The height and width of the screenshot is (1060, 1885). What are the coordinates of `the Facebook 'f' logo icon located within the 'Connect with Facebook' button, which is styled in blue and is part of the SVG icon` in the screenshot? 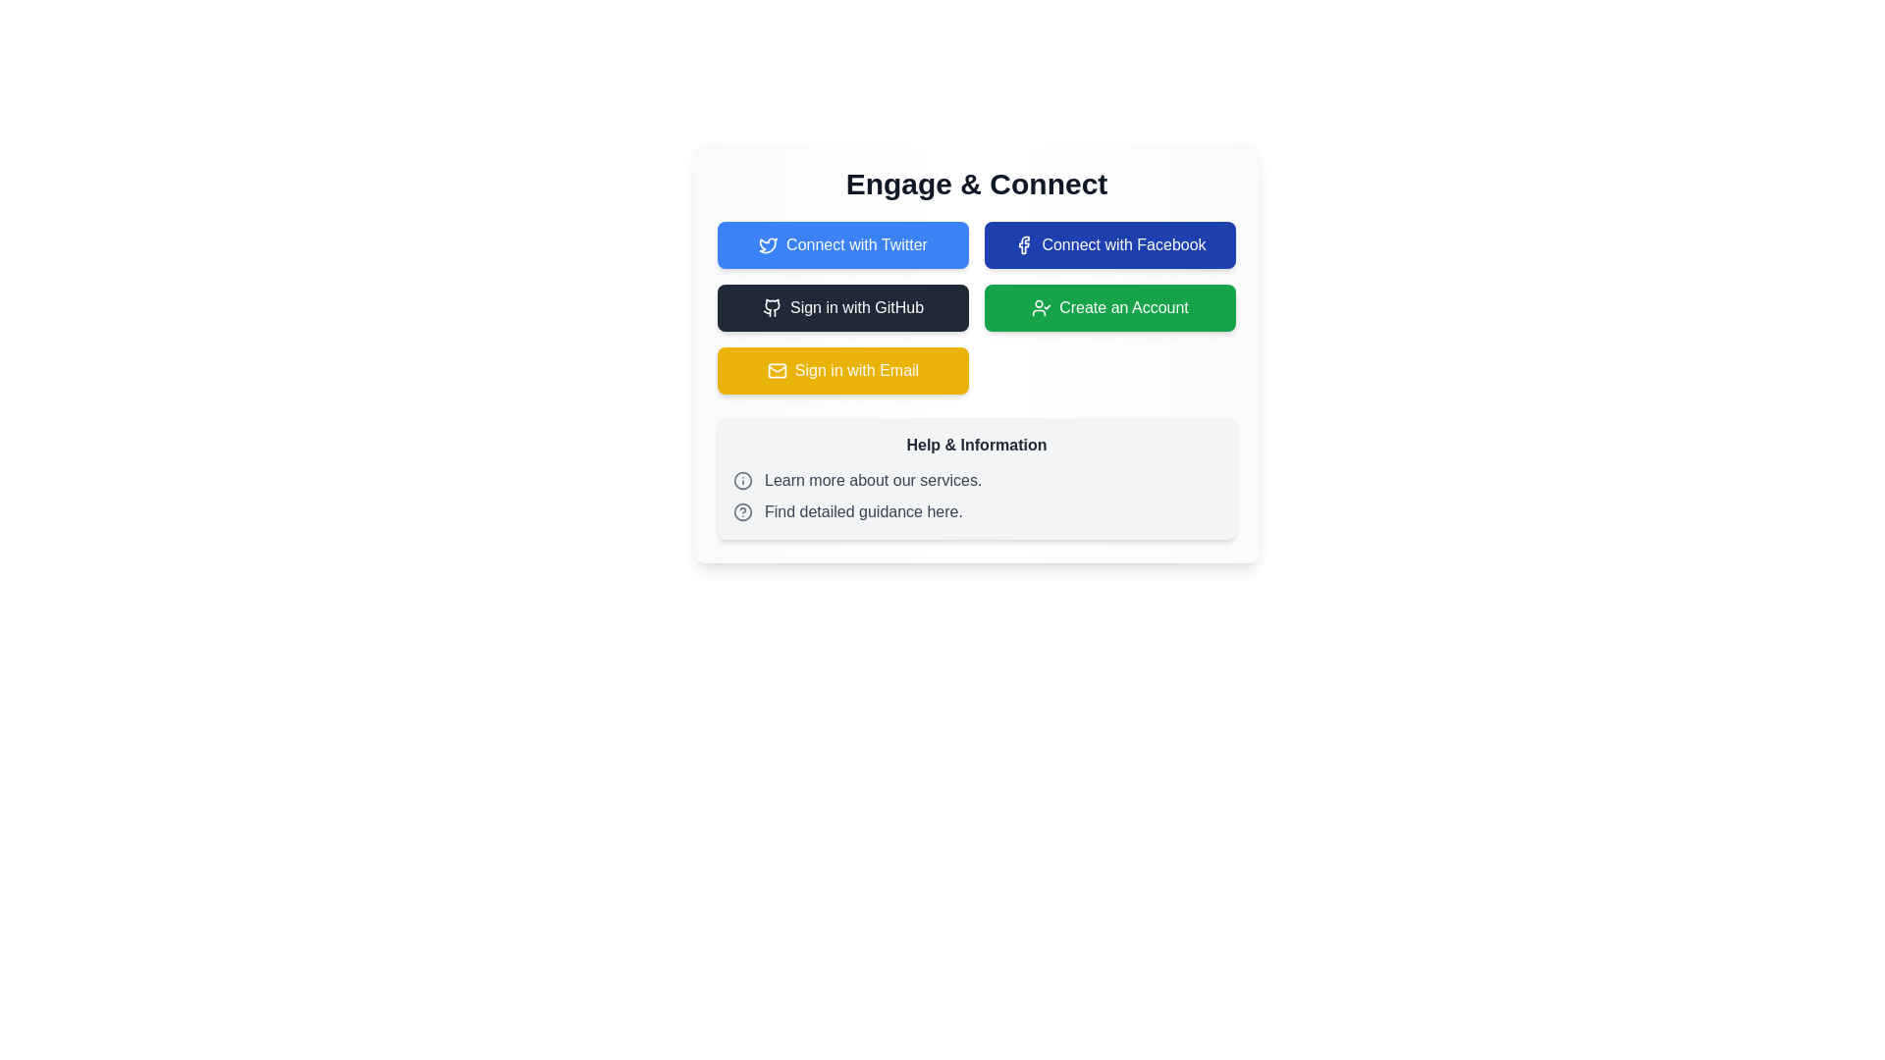 It's located at (1023, 244).